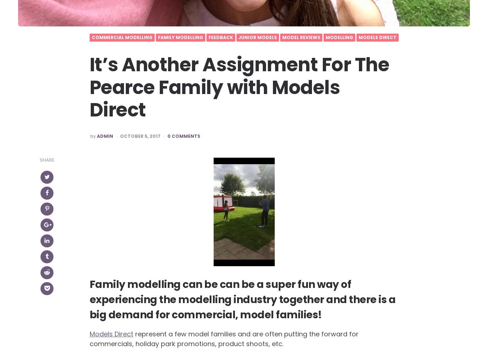 Image resolution: width=488 pixels, height=353 pixels. I want to click on 'Models Direct', so click(111, 333).